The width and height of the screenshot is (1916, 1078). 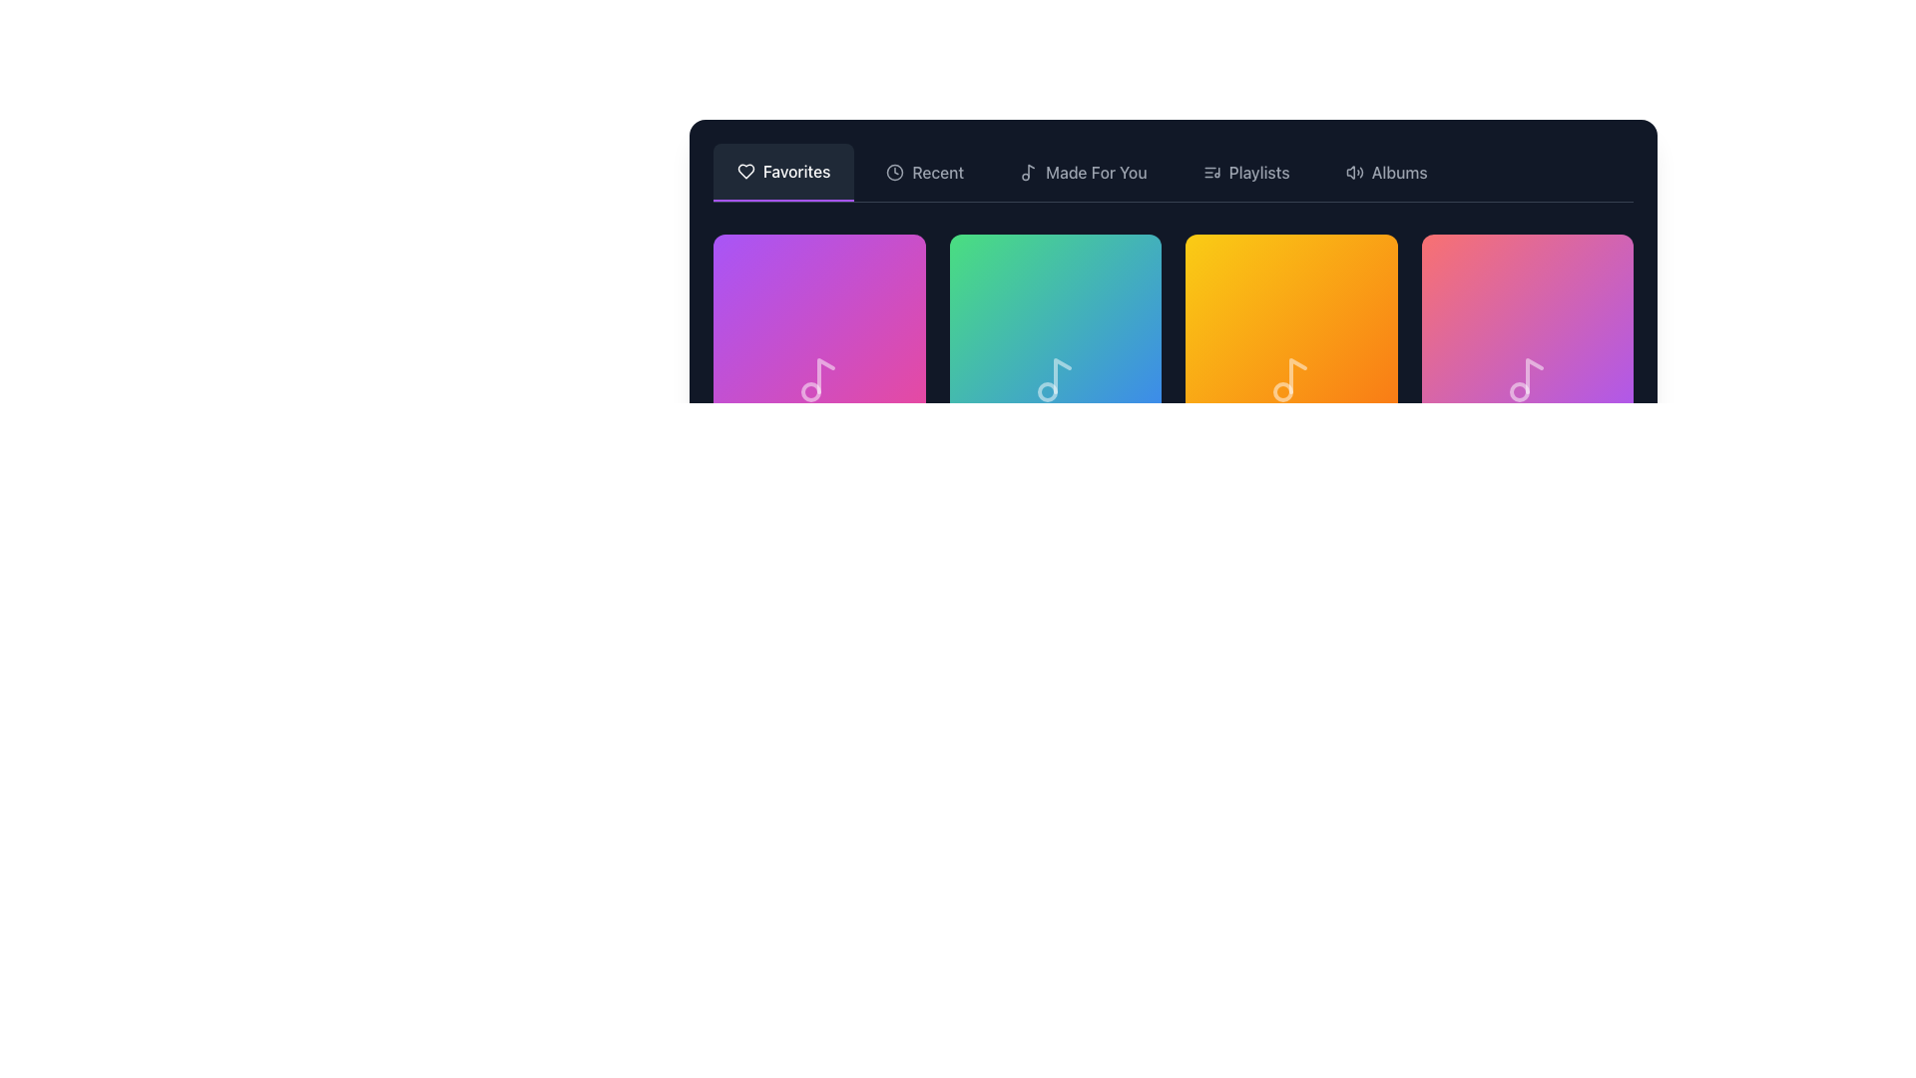 What do you see at coordinates (782, 172) in the screenshot?
I see `the 'Favorites' button, which is a dark rectangular button with rounded corners, labeled 'Favorites' and featuring a heart icon, located at the top of the interface` at bounding box center [782, 172].